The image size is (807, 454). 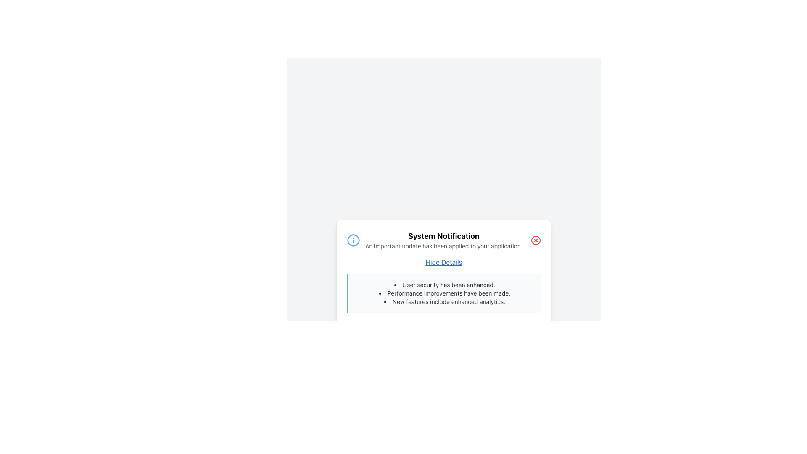 What do you see at coordinates (535, 240) in the screenshot?
I see `the close button for the notification` at bounding box center [535, 240].